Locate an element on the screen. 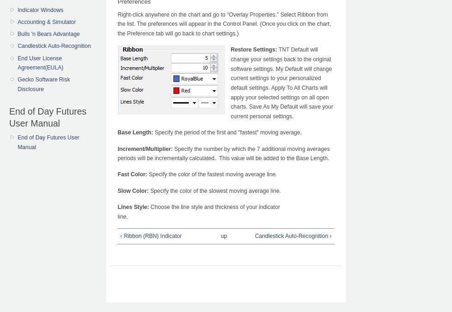  'line.' is located at coordinates (122, 215).